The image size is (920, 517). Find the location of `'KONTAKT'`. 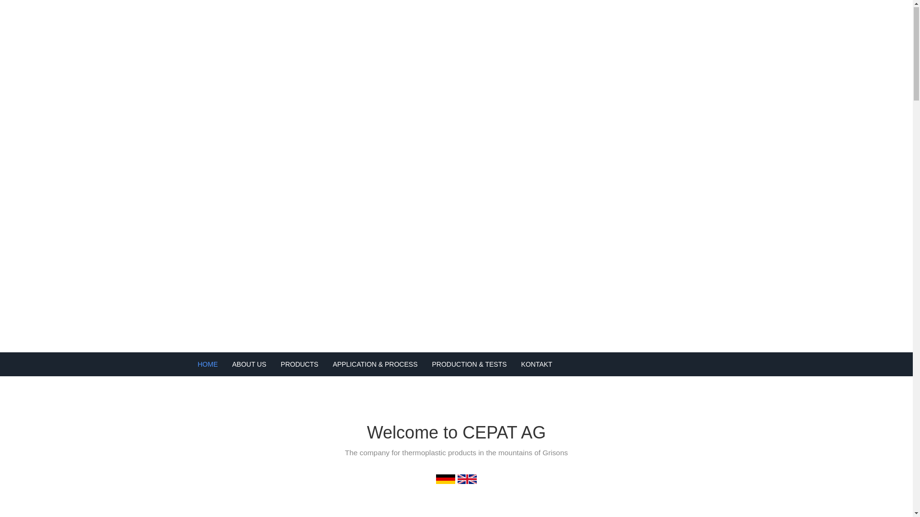

'KONTAKT' is located at coordinates (514, 365).